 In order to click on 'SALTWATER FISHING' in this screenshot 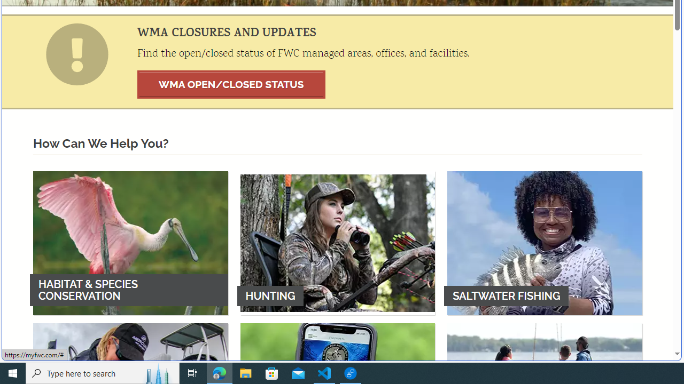, I will do `click(545, 243)`.